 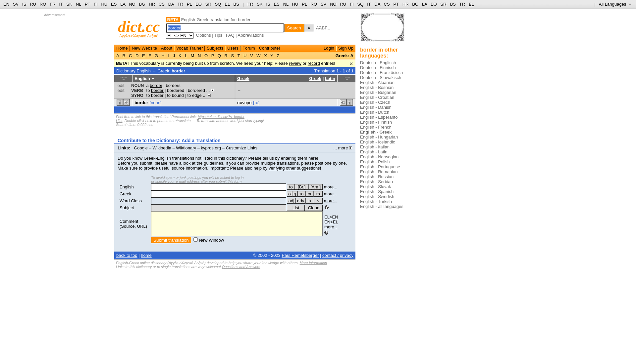 What do you see at coordinates (127, 187) in the screenshot?
I see `'English'` at bounding box center [127, 187].